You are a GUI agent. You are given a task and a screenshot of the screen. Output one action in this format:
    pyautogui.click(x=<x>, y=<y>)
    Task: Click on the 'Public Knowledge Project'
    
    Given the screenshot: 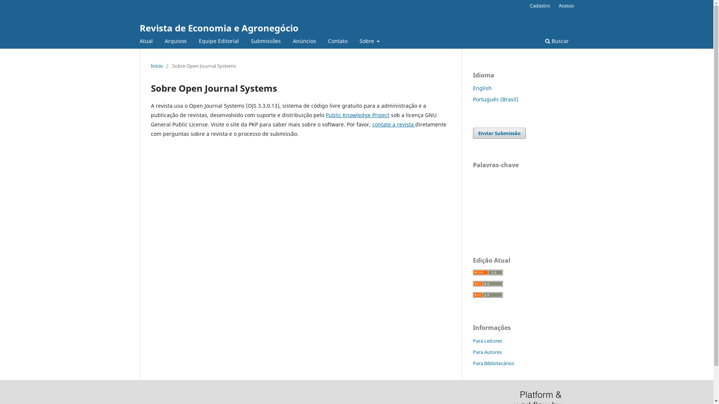 What is the action you would take?
    pyautogui.click(x=325, y=115)
    